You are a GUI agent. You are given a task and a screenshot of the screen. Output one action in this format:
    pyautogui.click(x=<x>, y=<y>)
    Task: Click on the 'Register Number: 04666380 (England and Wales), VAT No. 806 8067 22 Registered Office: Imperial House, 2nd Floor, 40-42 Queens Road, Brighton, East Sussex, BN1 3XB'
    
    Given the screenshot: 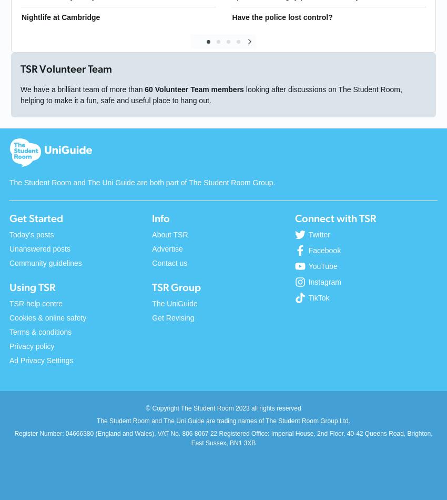 What is the action you would take?
    pyautogui.click(x=223, y=437)
    